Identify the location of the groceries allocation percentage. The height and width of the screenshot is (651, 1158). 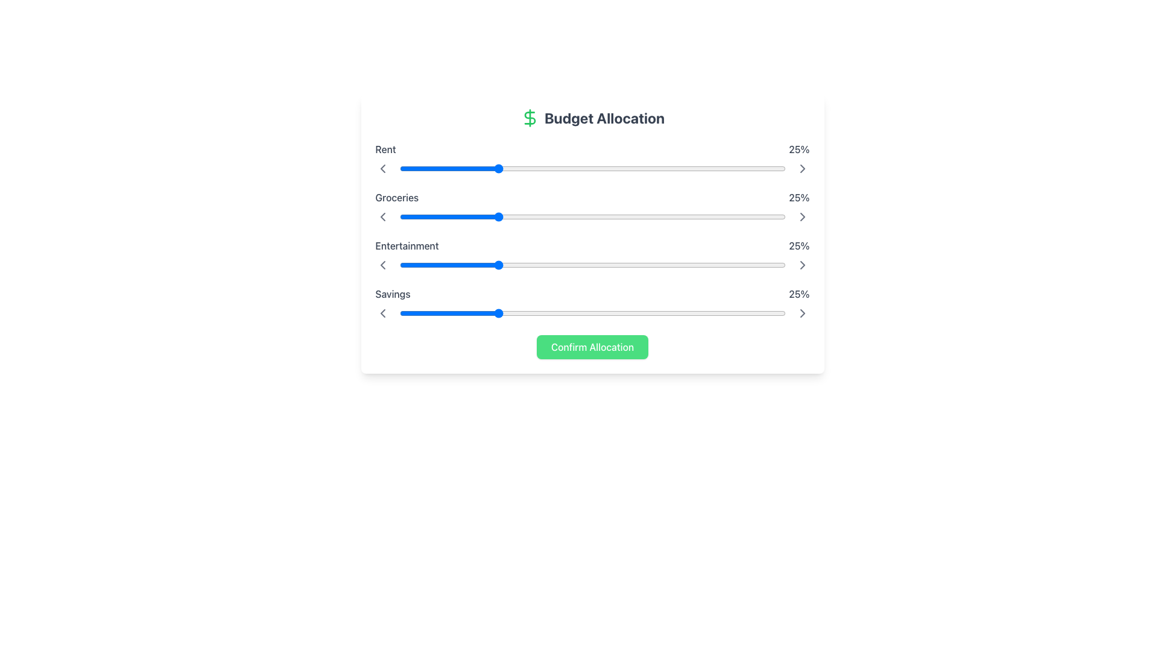
(746, 216).